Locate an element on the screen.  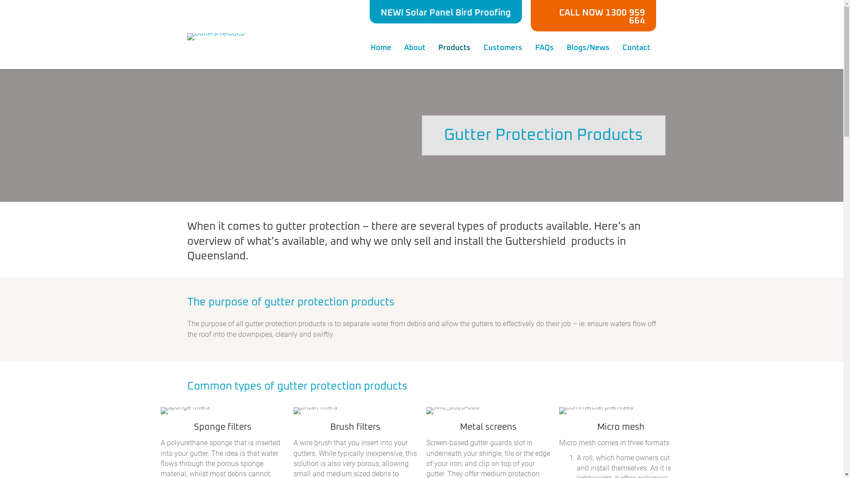
'Contact' is located at coordinates (636, 48).